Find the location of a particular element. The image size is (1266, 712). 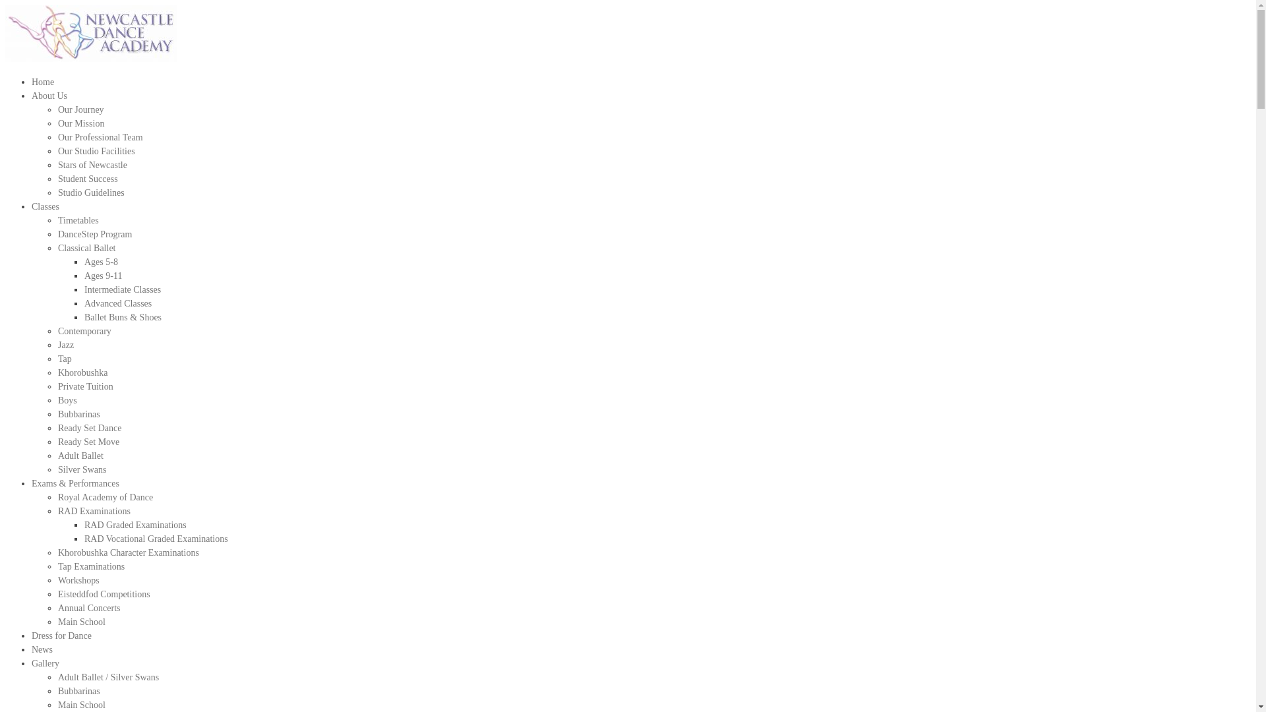

'Adult Ballet / Silver Swans' is located at coordinates (108, 677).